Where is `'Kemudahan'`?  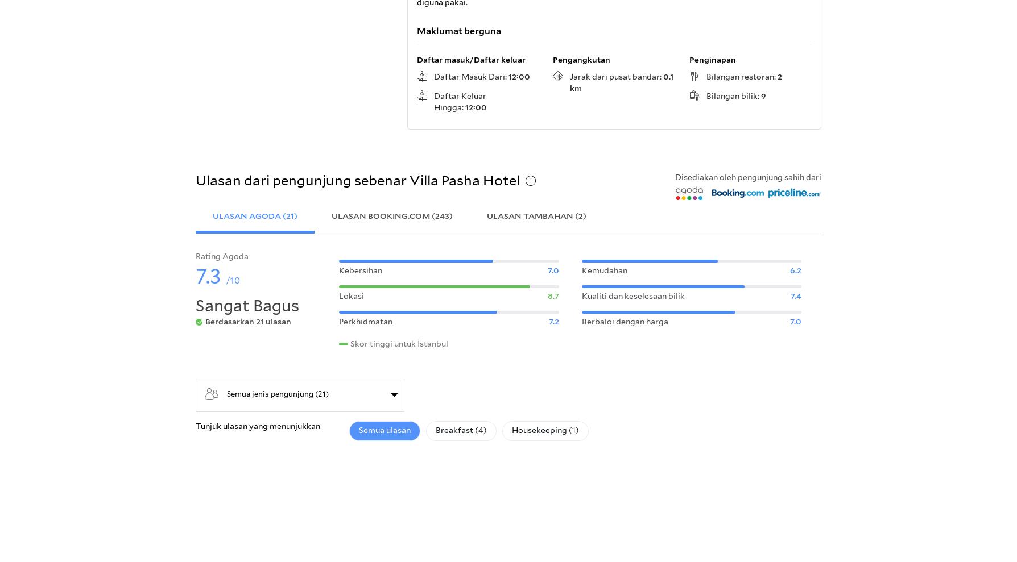
'Kemudahan' is located at coordinates (581, 269).